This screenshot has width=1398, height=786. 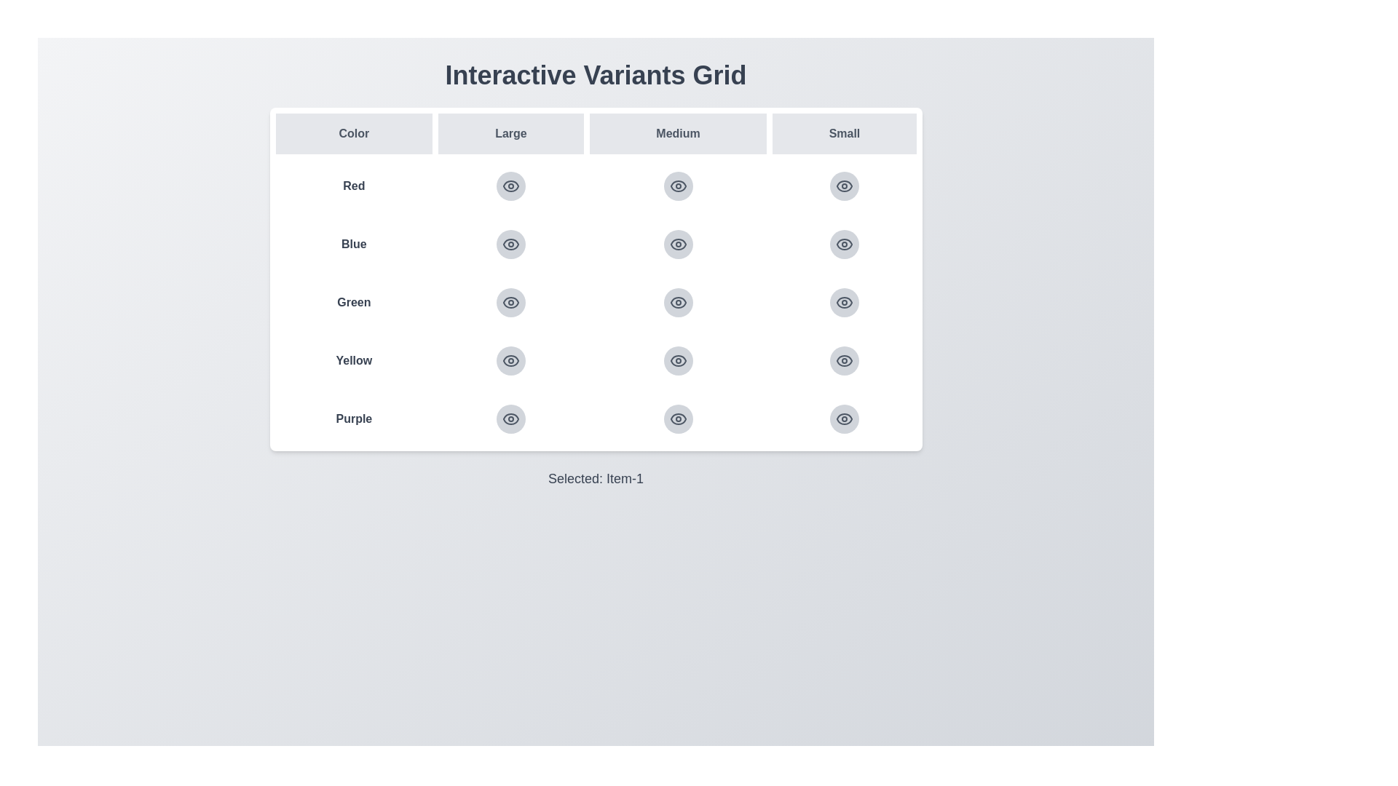 I want to click on the circular button with a gray background and an eye icon located in the last row labeled 'Purple' under the column 'Medium', so click(x=677, y=418).